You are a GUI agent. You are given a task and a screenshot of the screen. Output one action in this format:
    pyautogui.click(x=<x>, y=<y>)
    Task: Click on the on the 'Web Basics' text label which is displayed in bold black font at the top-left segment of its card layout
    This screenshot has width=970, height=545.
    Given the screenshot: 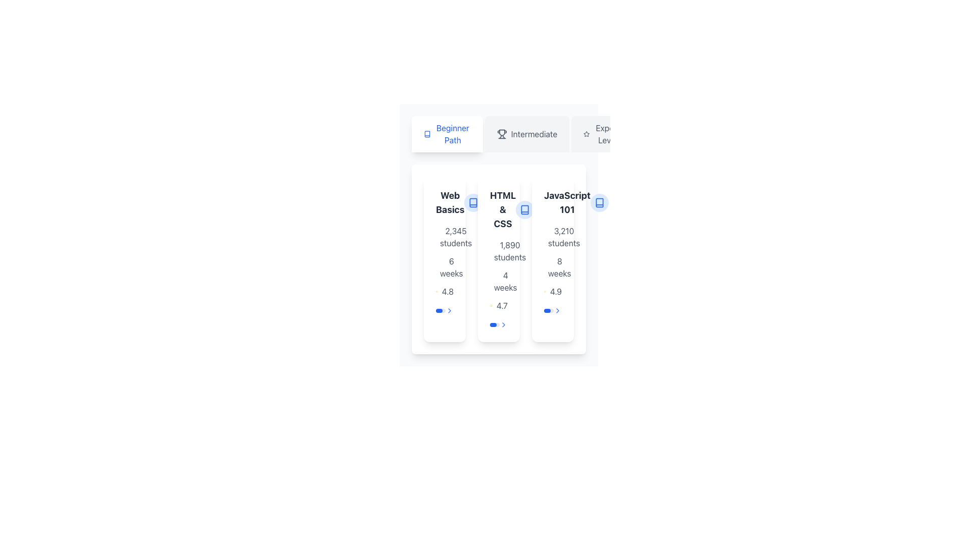 What is the action you would take?
    pyautogui.click(x=445, y=202)
    